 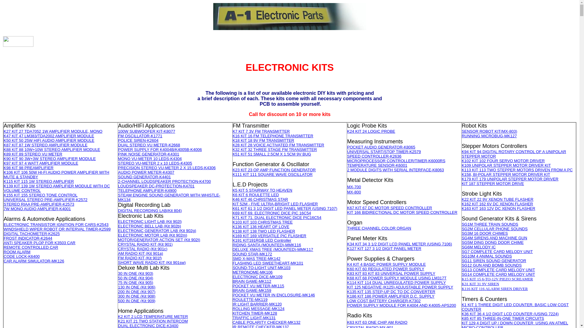 What do you see at coordinates (160, 149) in the screenshot?
I see `'POWER SUPPLY FOR K4004B/K4005B-K4006'` at bounding box center [160, 149].